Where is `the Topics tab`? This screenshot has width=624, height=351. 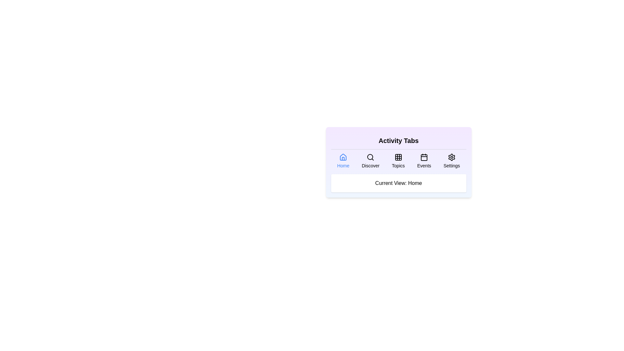
the Topics tab is located at coordinates (397, 161).